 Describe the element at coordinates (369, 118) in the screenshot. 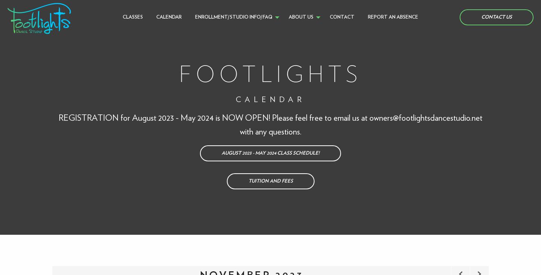

I see `'owners@footlightsdancestudio.net'` at that location.